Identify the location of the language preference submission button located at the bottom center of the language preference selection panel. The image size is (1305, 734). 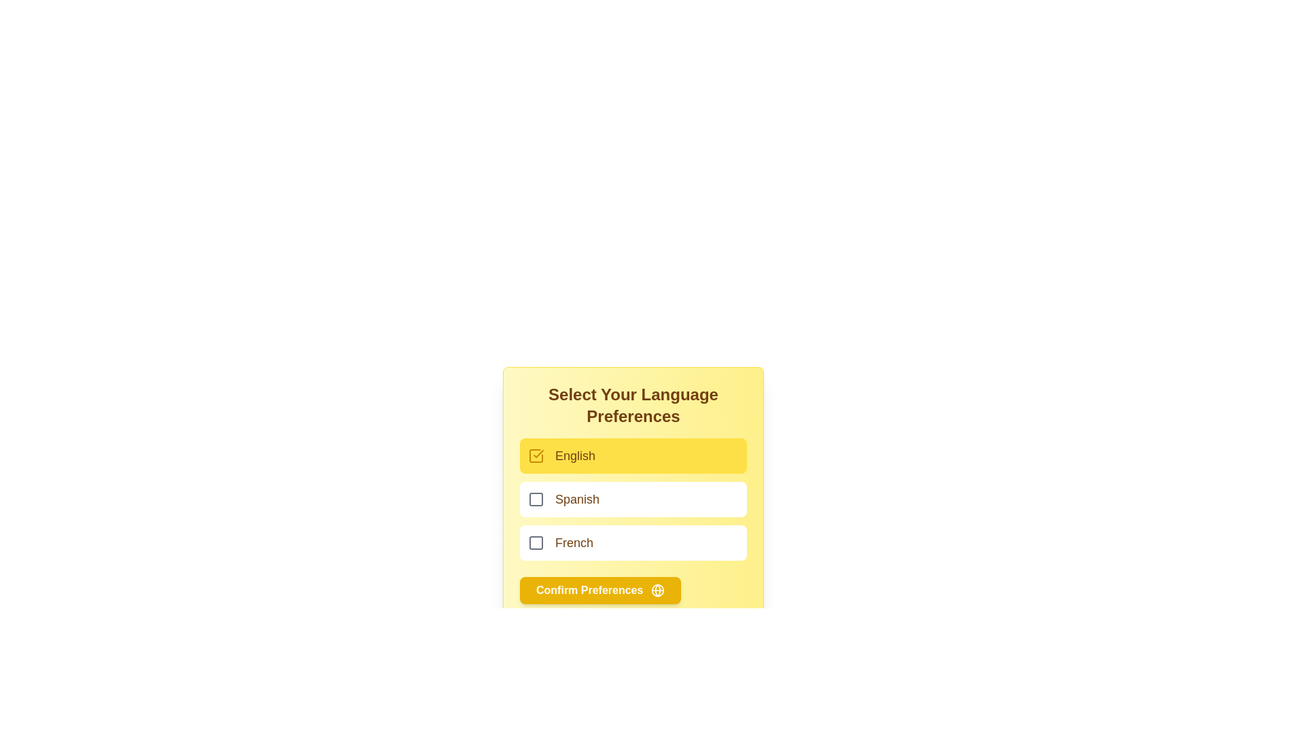
(599, 589).